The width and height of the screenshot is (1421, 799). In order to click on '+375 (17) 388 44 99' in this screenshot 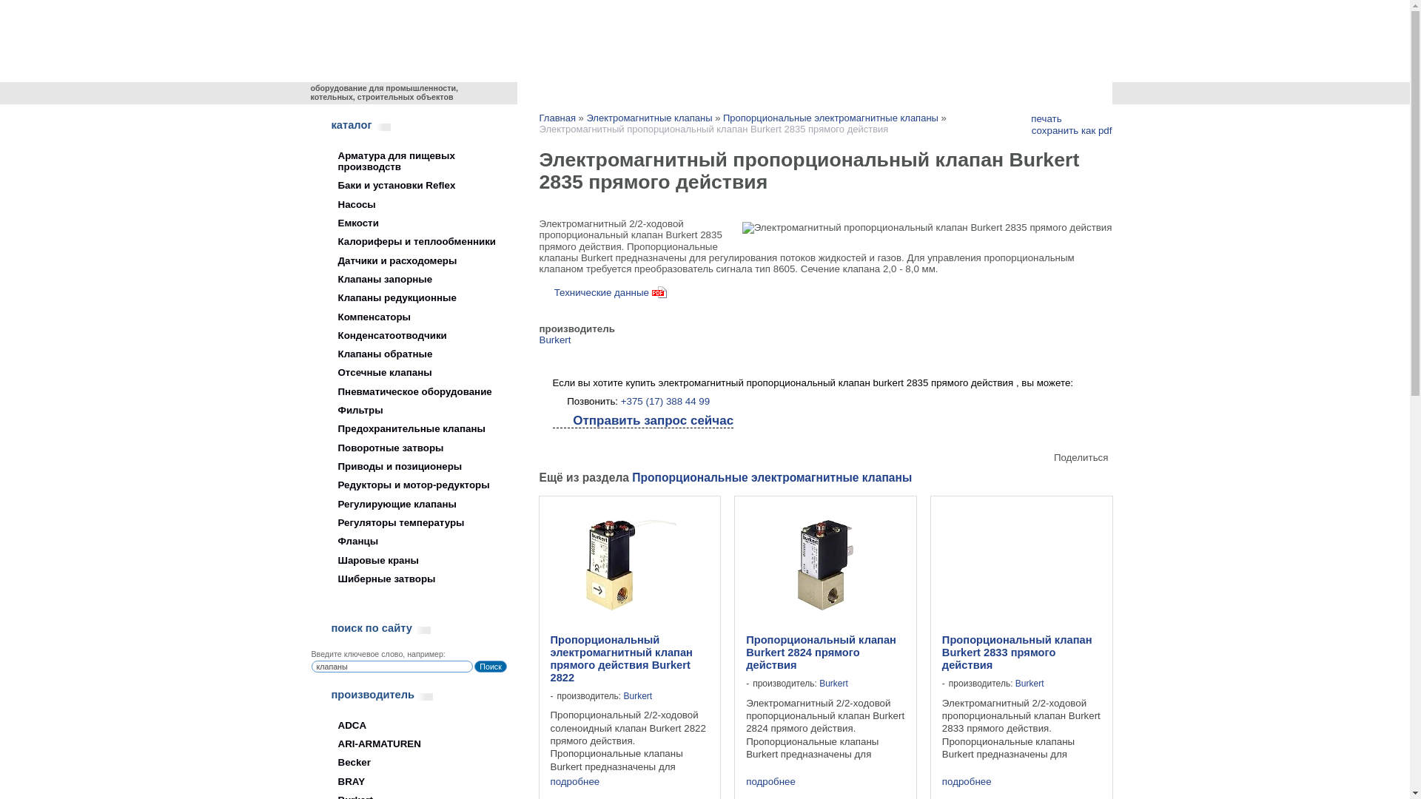, I will do `click(621, 401)`.